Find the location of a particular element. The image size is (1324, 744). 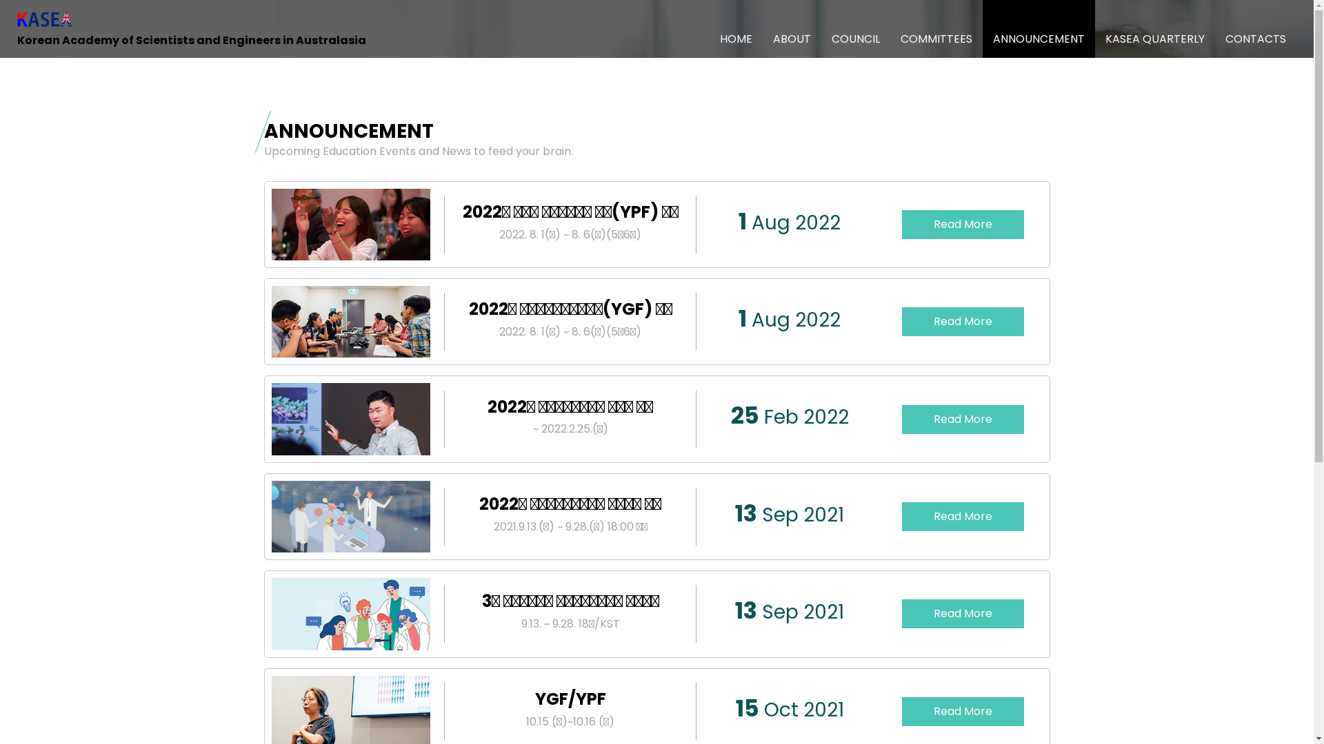

'KASEA QUARTERLY' is located at coordinates (1155, 29).